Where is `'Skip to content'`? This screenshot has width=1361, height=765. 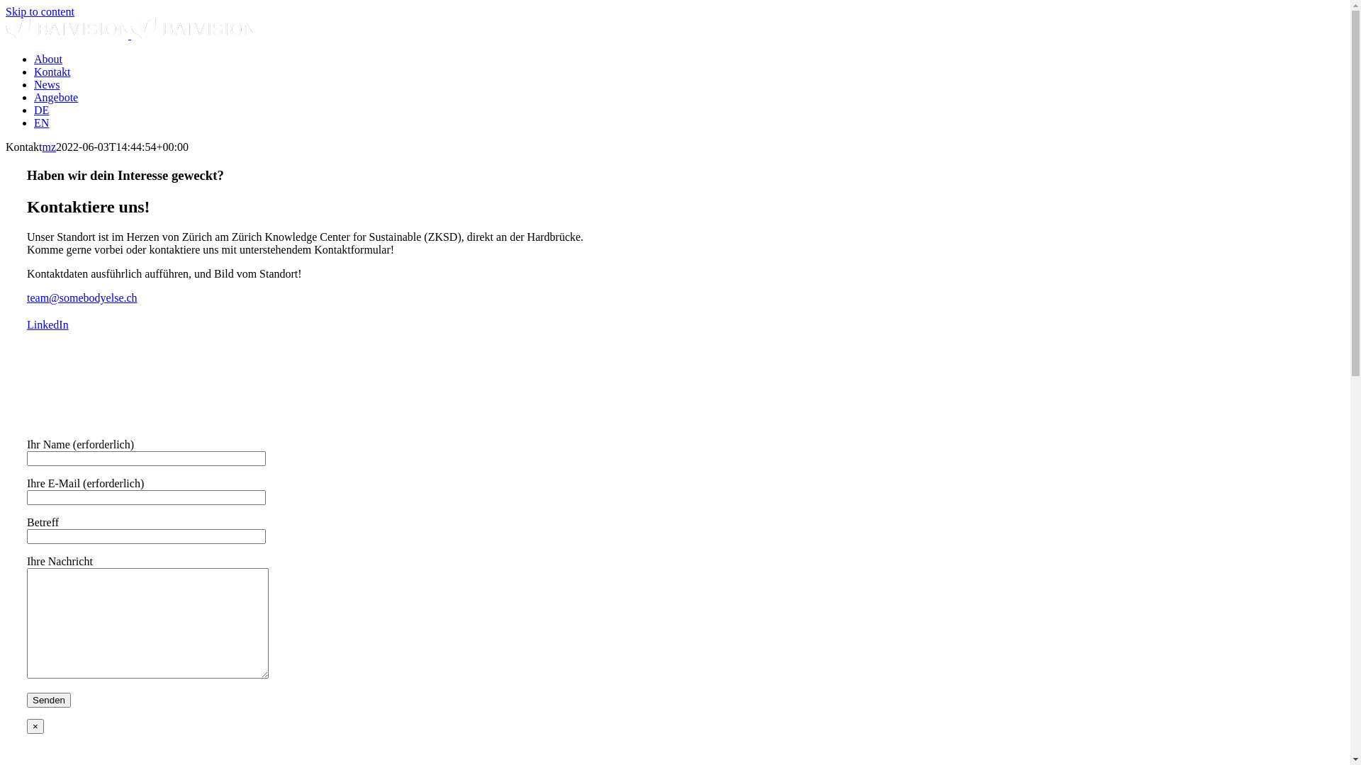 'Skip to content' is located at coordinates (6, 11).